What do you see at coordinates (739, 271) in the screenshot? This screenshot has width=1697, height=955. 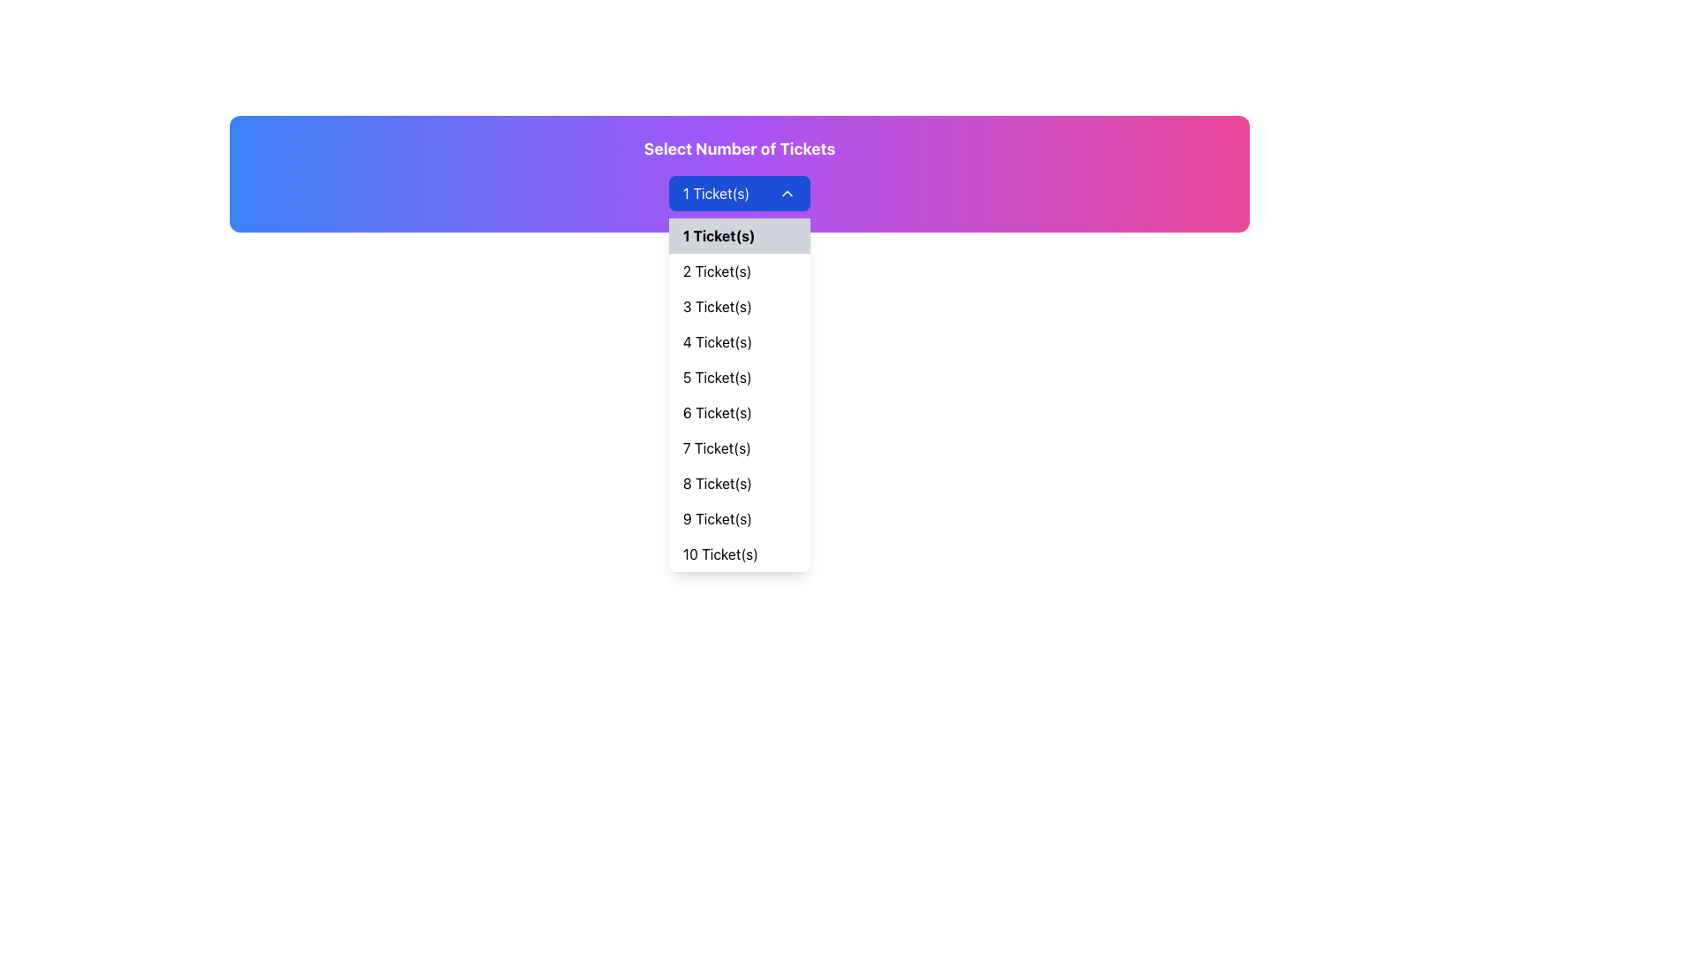 I see `to select the dropdown option displaying '2 Ticket(s)', which is the second item in the list` at bounding box center [739, 271].